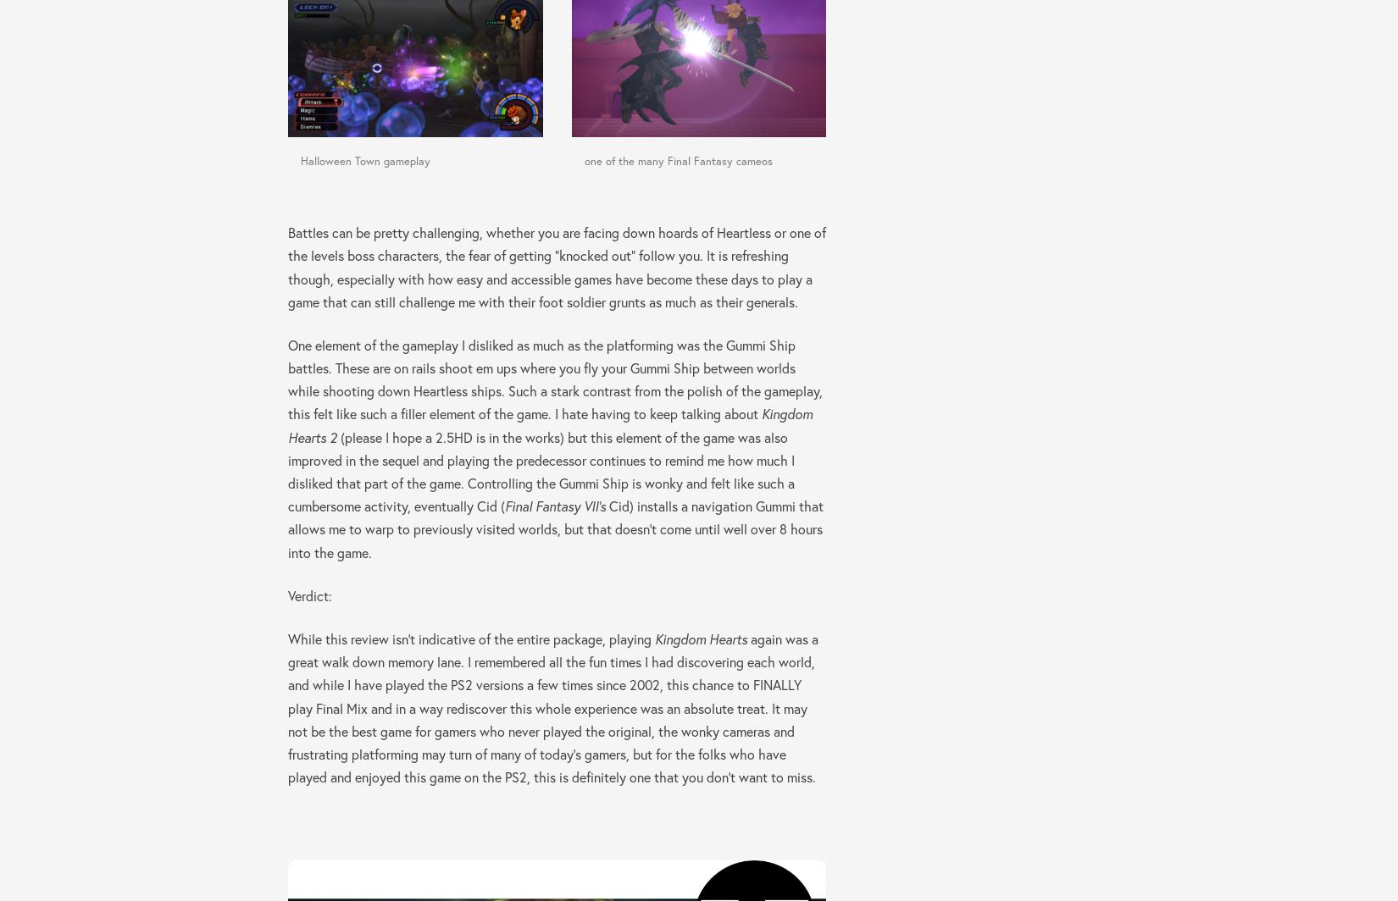  What do you see at coordinates (549, 424) in the screenshot?
I see `'Kingdom Hearts 2'` at bounding box center [549, 424].